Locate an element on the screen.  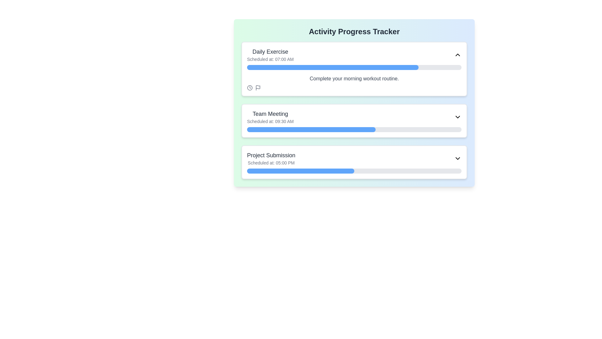
the chevron-up icon in the top-right corner of the 'Daily Exercise' card is located at coordinates (457, 54).